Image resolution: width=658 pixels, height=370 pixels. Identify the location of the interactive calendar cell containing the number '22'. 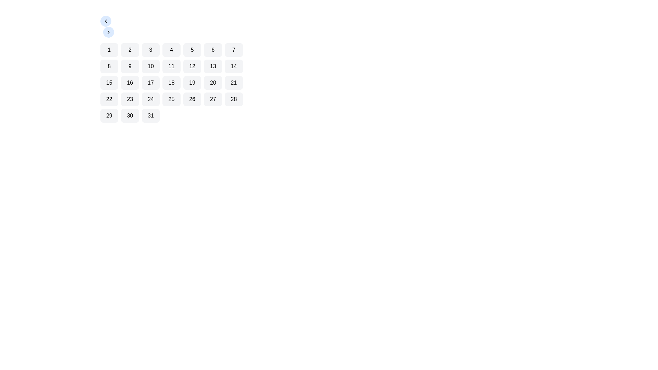
(109, 99).